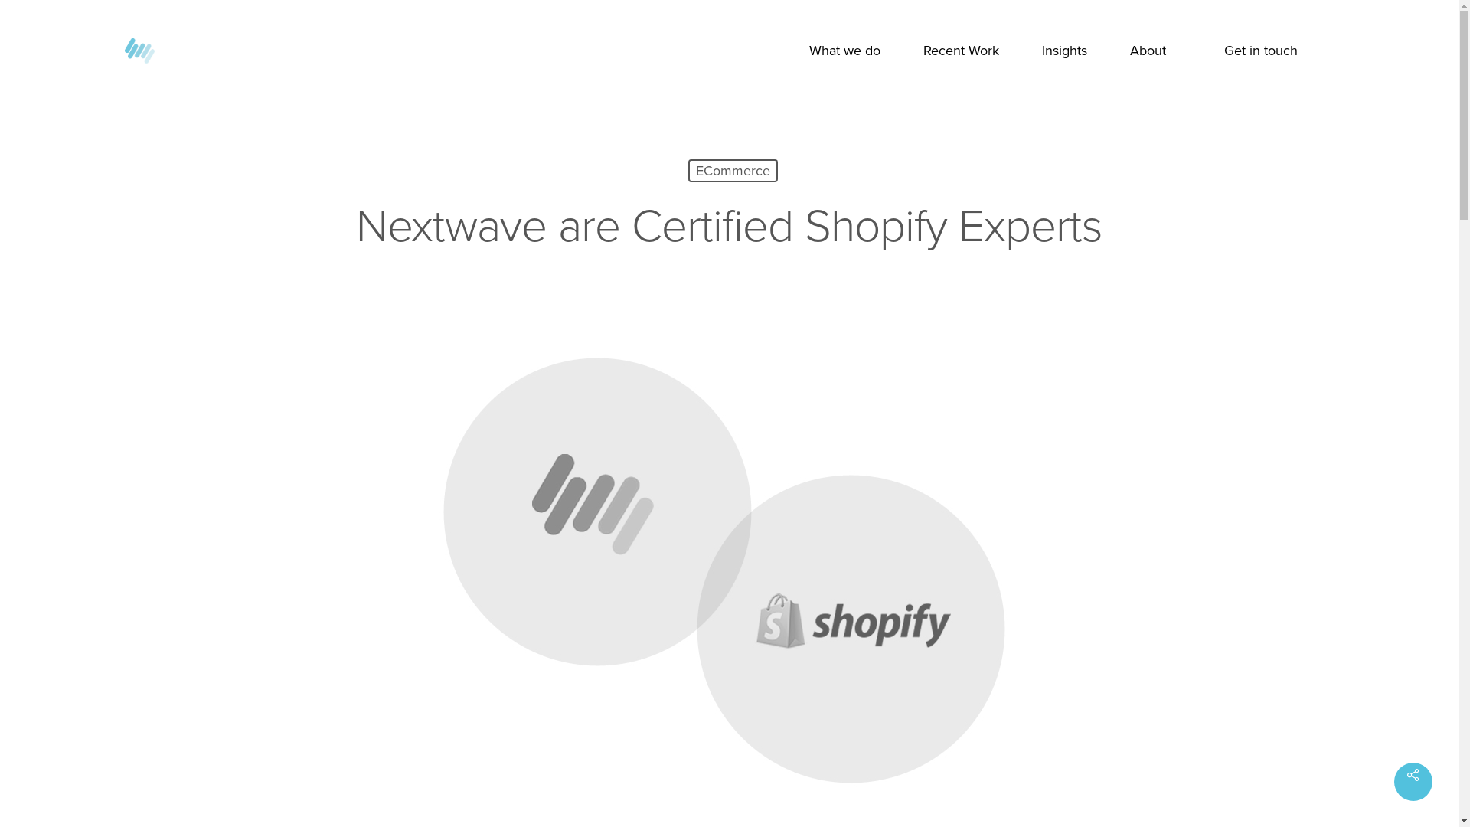  What do you see at coordinates (1148, 50) in the screenshot?
I see `'About'` at bounding box center [1148, 50].